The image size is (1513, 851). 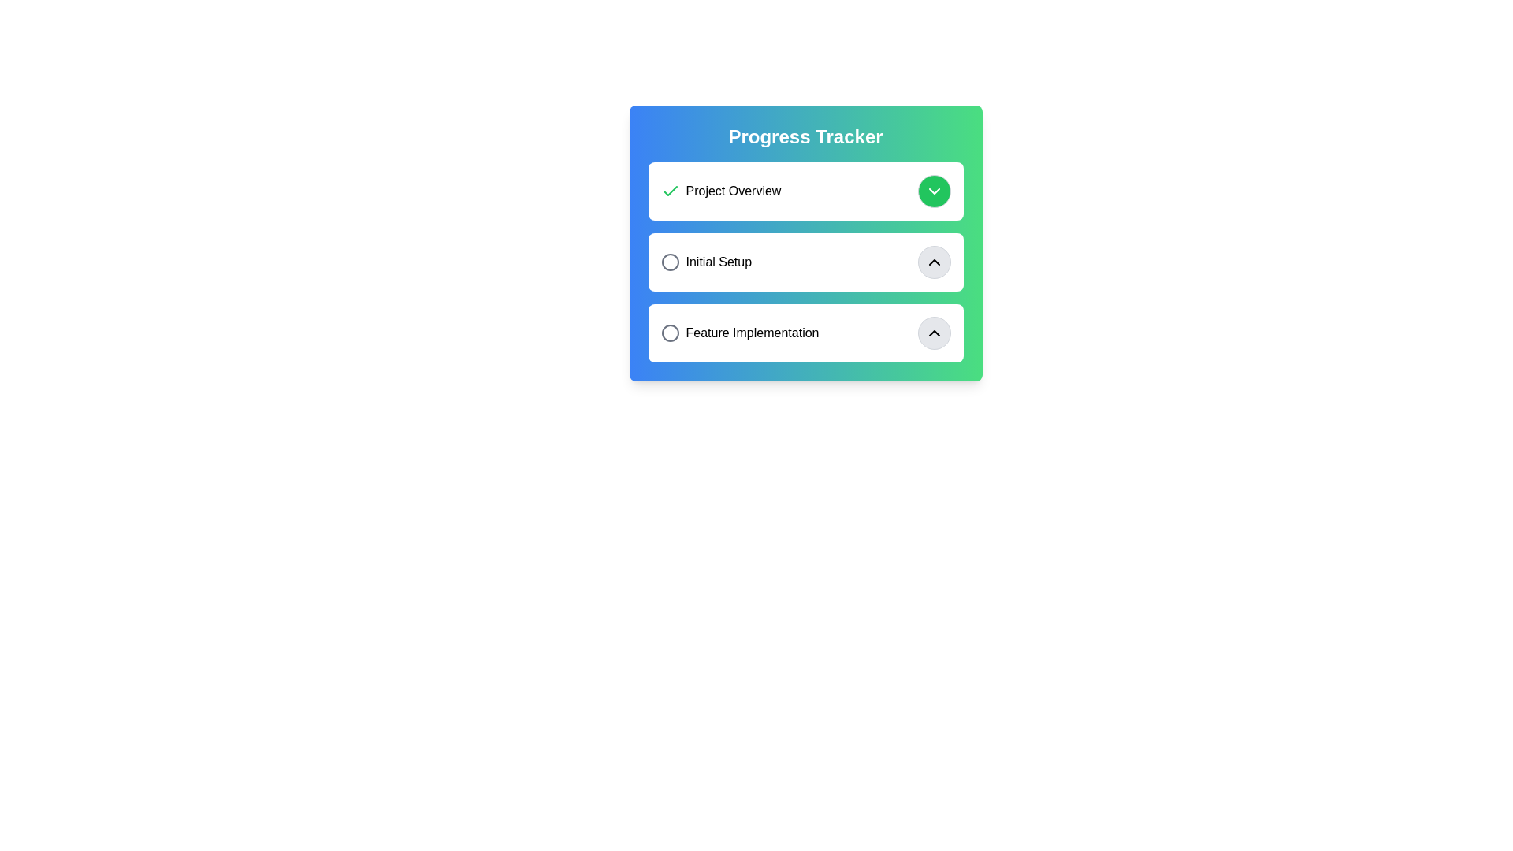 What do you see at coordinates (934, 333) in the screenshot?
I see `the circular button with a gray background and a black upward chevron icon located in the 'Feature Implementation' section of the 'Progress Tracker' card` at bounding box center [934, 333].